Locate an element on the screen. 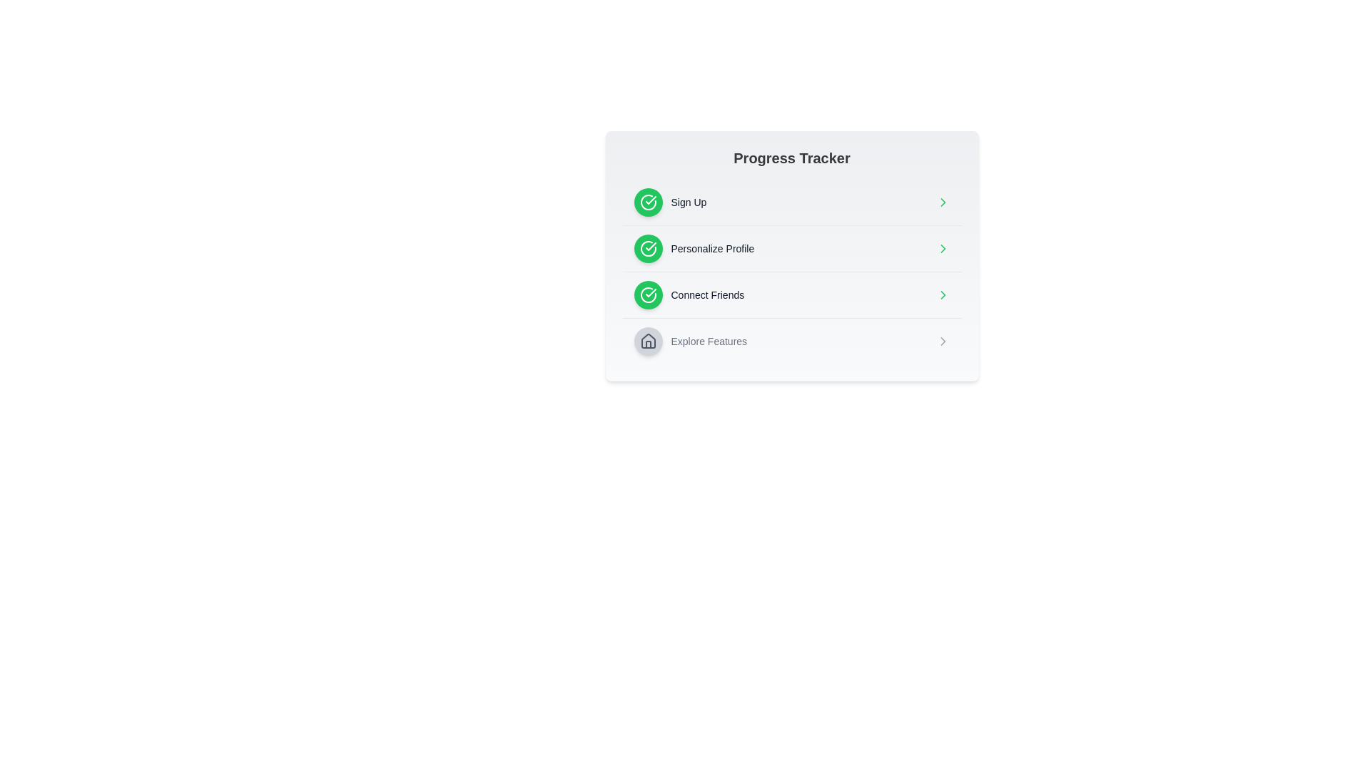  the circular green icon with a checkmark on the left of the 'Sign Up' list item to confirm task completion is located at coordinates (669, 202).